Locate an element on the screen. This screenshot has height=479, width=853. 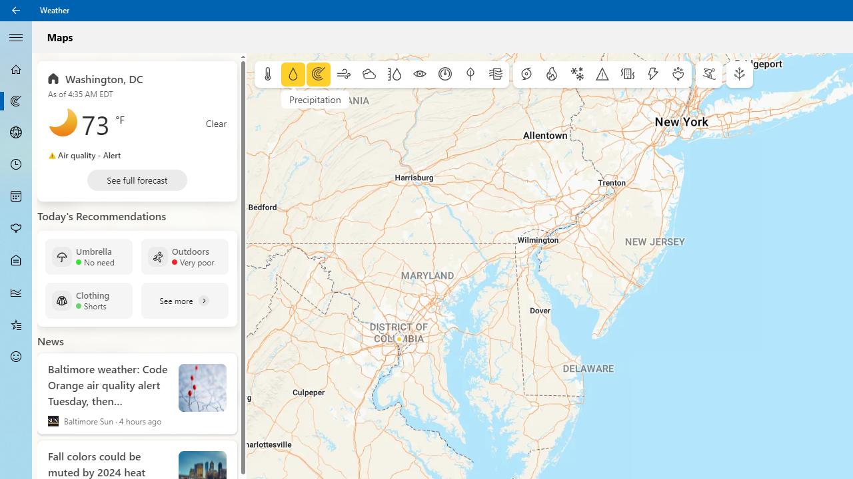
'Pollen - Not Selected' is located at coordinates (16, 228).